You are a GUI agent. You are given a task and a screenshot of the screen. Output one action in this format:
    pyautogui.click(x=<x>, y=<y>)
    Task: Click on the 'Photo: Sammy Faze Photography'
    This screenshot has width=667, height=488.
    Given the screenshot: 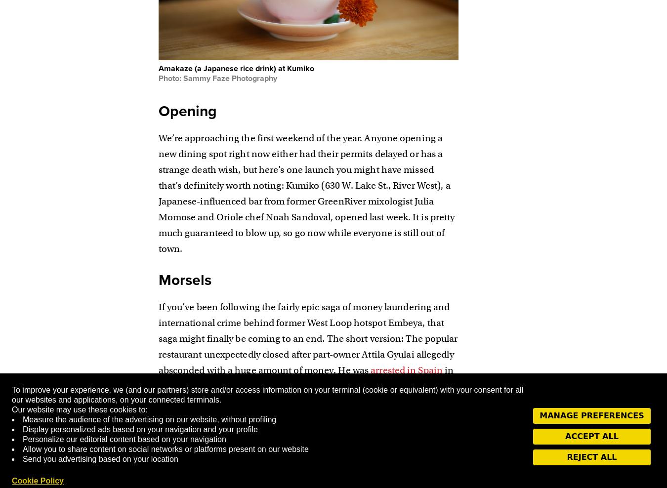 What is the action you would take?
    pyautogui.click(x=217, y=77)
    